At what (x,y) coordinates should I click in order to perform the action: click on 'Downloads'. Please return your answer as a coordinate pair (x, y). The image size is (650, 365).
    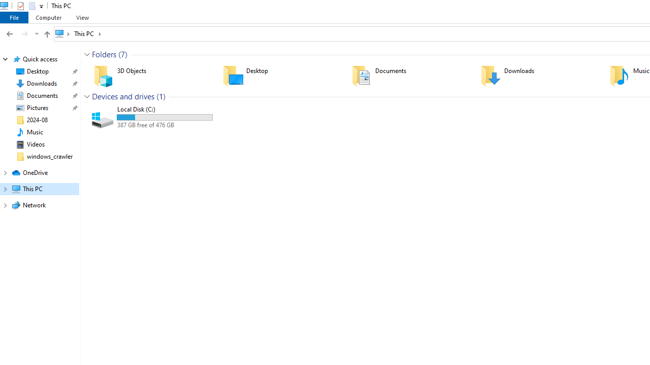
    Looking at the image, I should click on (538, 75).